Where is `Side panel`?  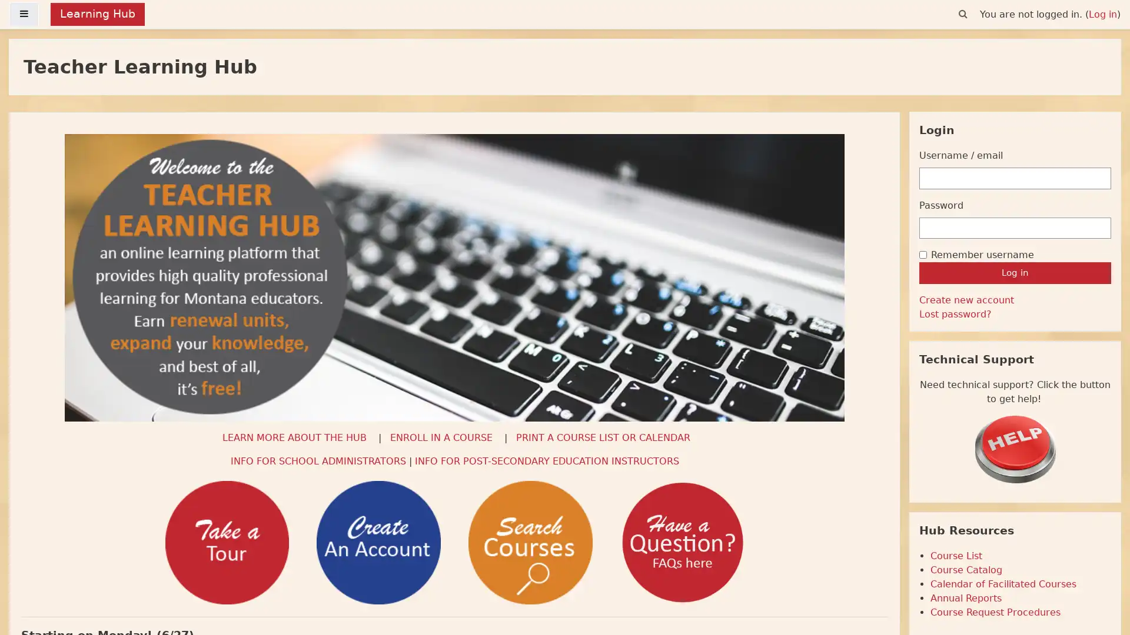 Side panel is located at coordinates (24, 14).